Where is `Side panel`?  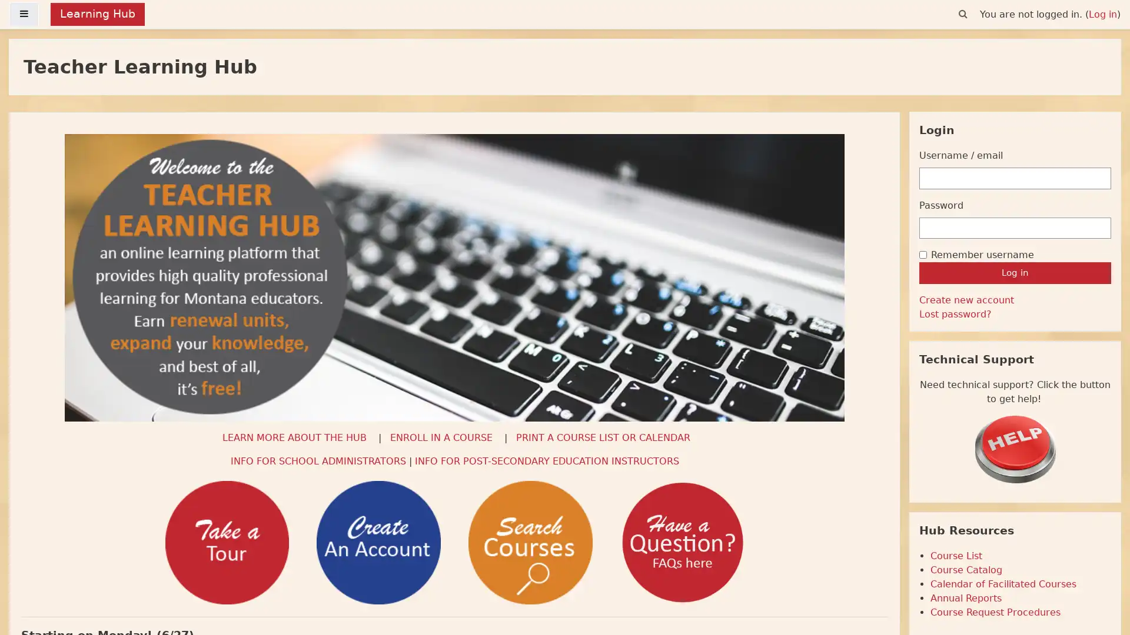 Side panel is located at coordinates (24, 14).